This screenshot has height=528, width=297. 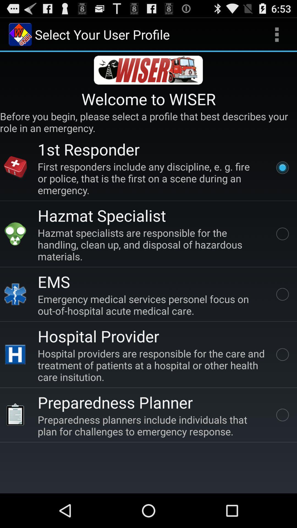 What do you see at coordinates (88, 149) in the screenshot?
I see `the app above the first responders include icon` at bounding box center [88, 149].